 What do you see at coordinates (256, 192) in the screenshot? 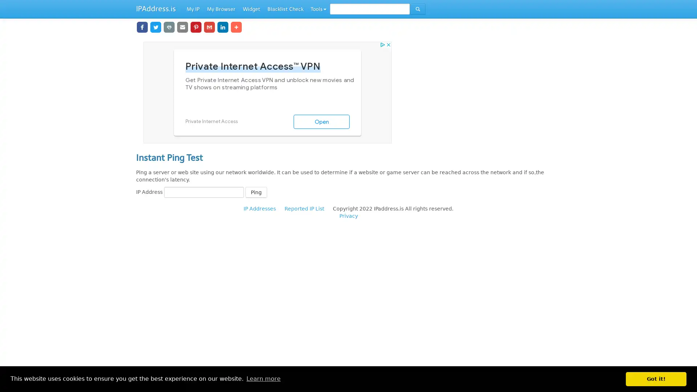
I see `Ping` at bounding box center [256, 192].